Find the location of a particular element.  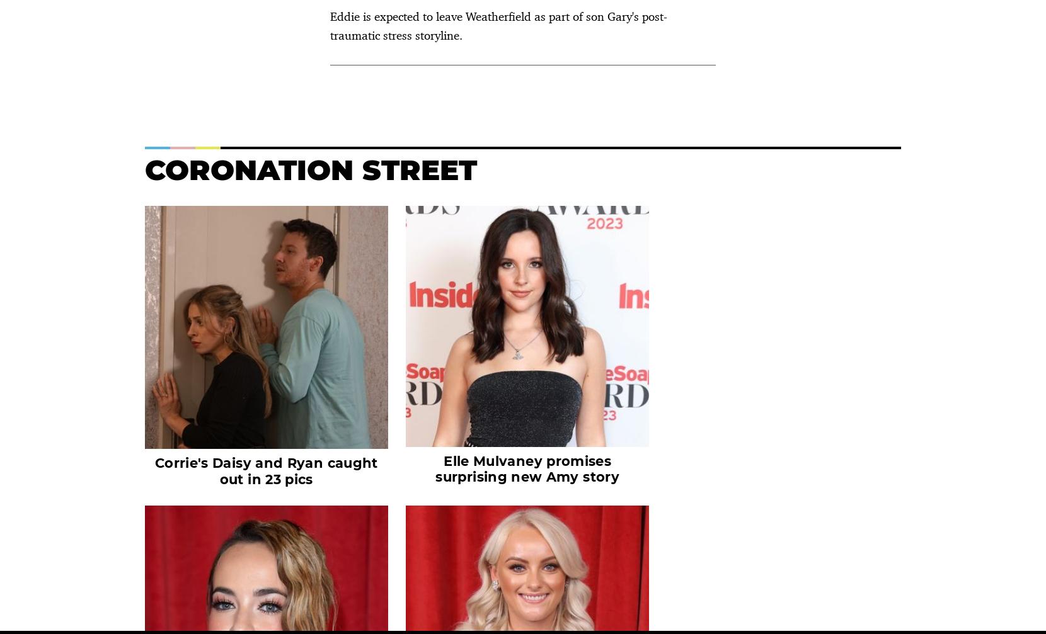

'Terms & Conditions' is located at coordinates (314, 514).